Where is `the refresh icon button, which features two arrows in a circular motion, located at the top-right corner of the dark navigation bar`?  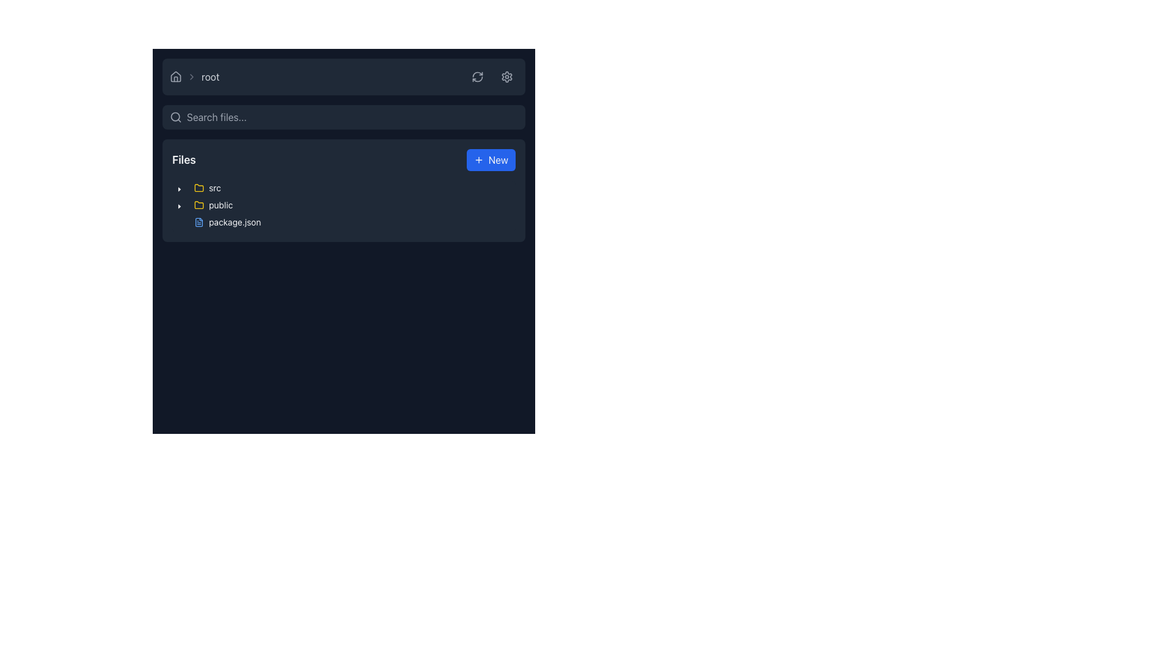 the refresh icon button, which features two arrows in a circular motion, located at the top-right corner of the dark navigation bar is located at coordinates (477, 77).